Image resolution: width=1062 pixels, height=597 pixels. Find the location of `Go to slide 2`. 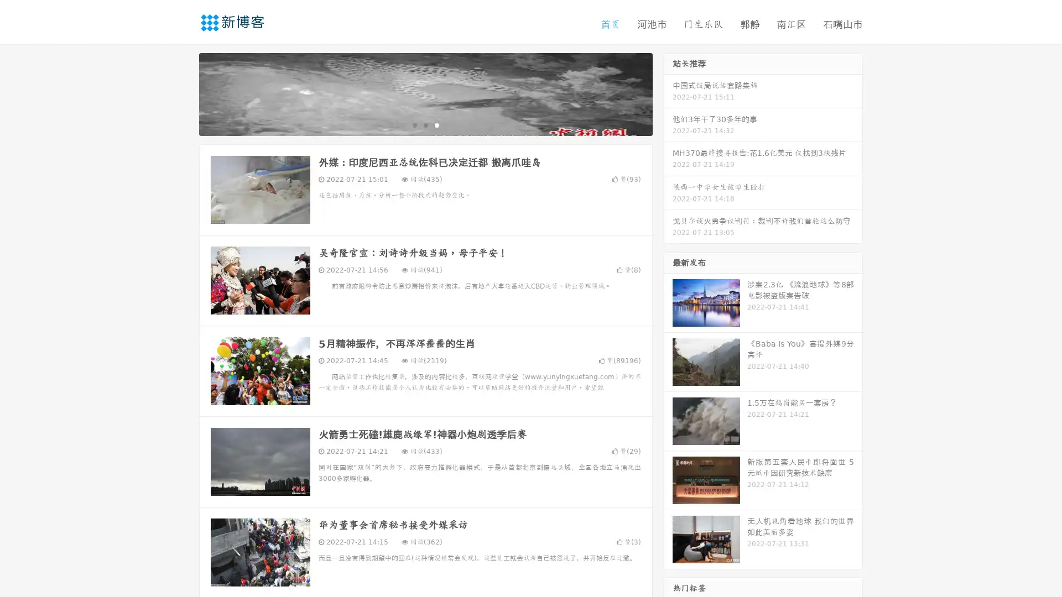

Go to slide 2 is located at coordinates (425, 124).